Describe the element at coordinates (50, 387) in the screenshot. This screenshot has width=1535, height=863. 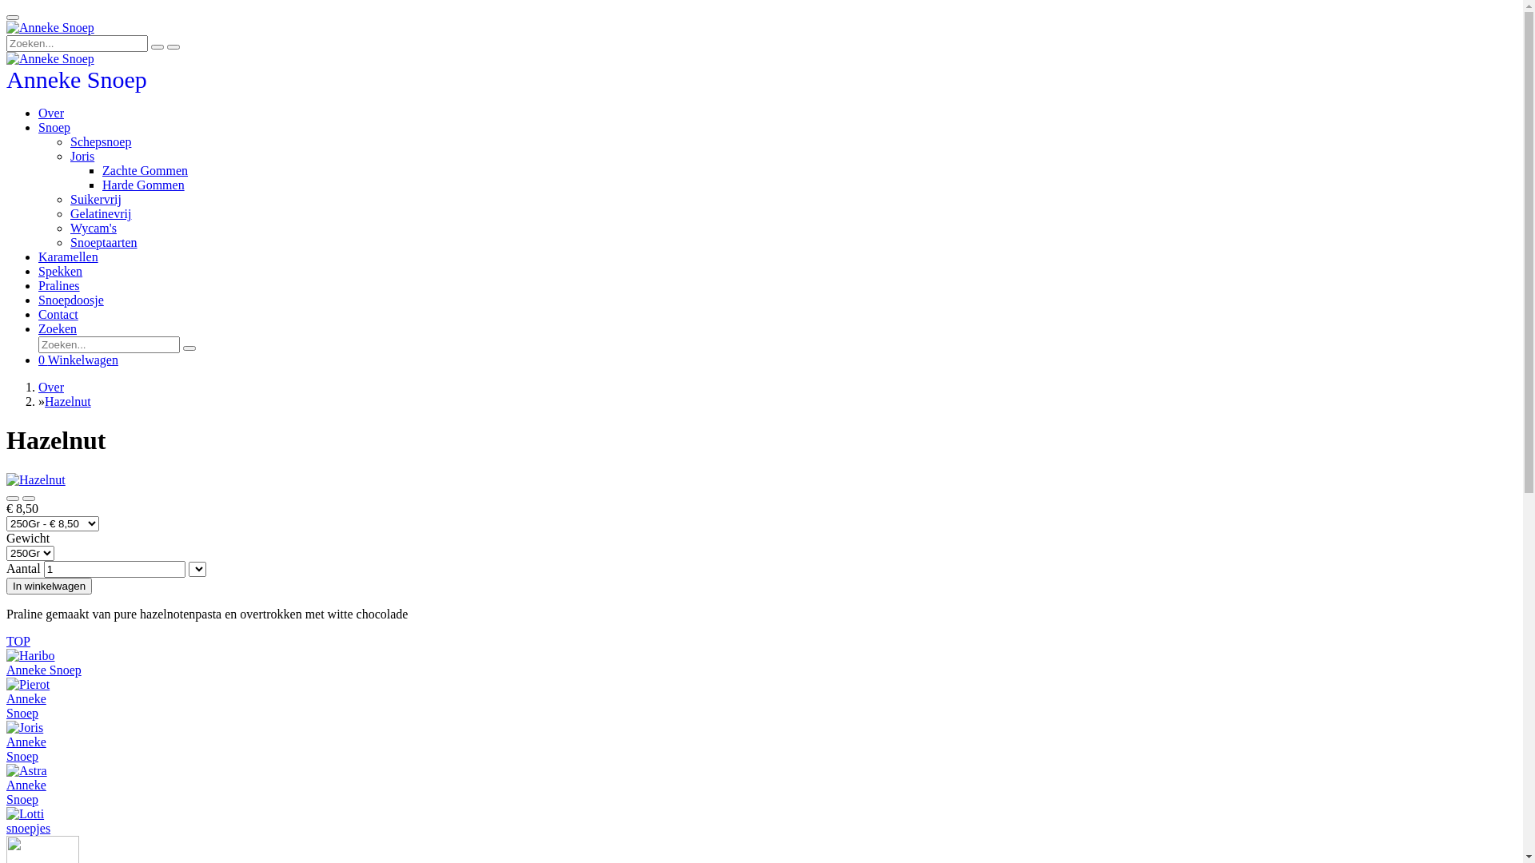
I see `'Over'` at that location.